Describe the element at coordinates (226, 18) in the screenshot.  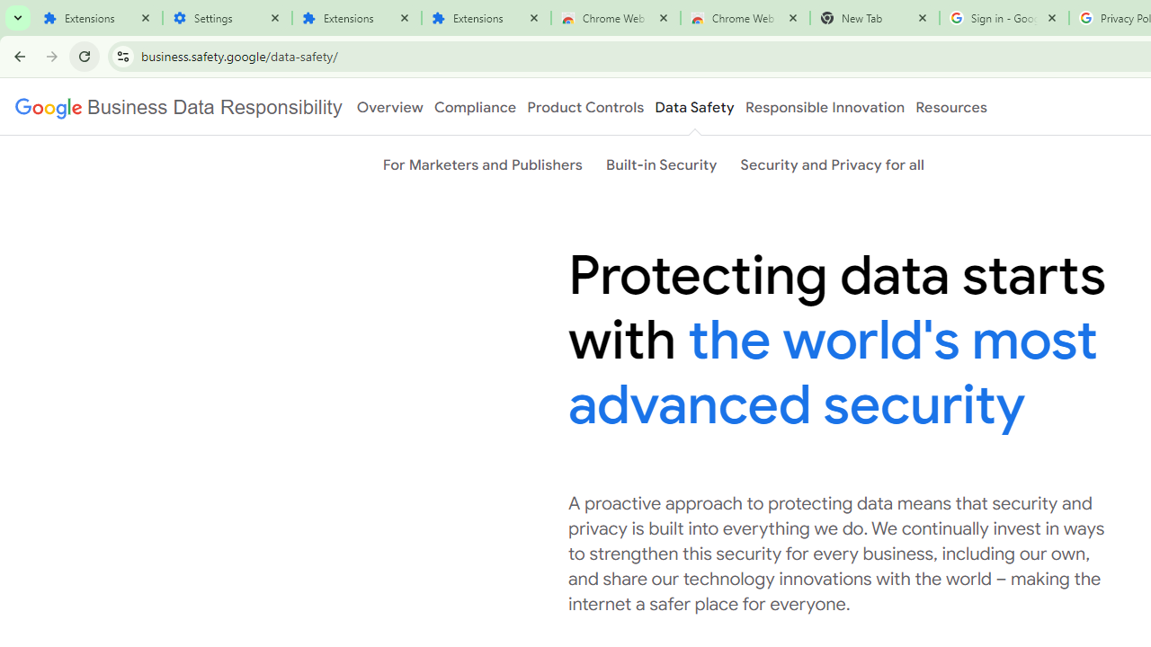
I see `'Settings'` at that location.